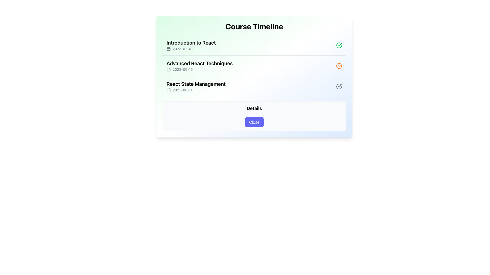 This screenshot has width=490, height=275. I want to click on the text label indicating the title of the first course in the timeline, which is located in the 'Introduction to React' section, directly above the date '2023-02-01', so click(191, 43).